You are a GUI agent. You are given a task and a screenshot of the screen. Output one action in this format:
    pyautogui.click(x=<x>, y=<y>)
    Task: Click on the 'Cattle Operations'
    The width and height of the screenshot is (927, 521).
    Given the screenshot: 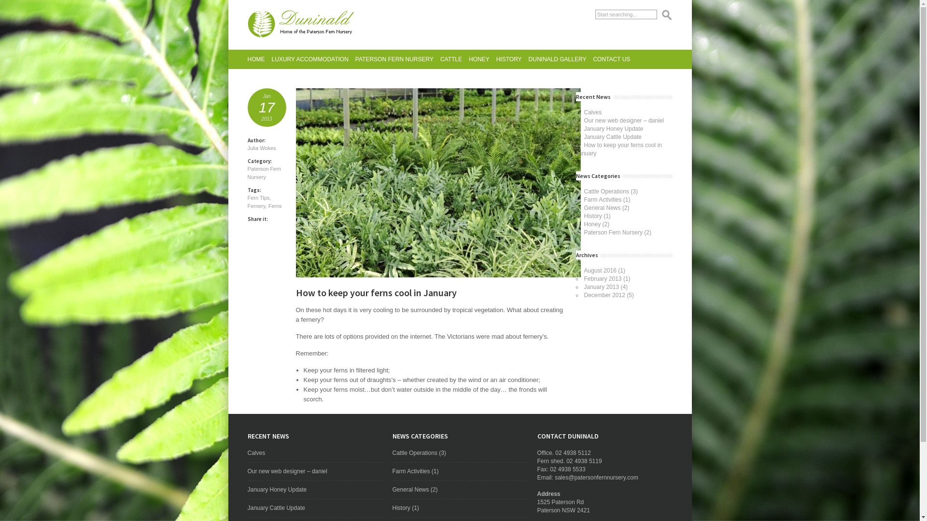 What is the action you would take?
    pyautogui.click(x=392, y=452)
    